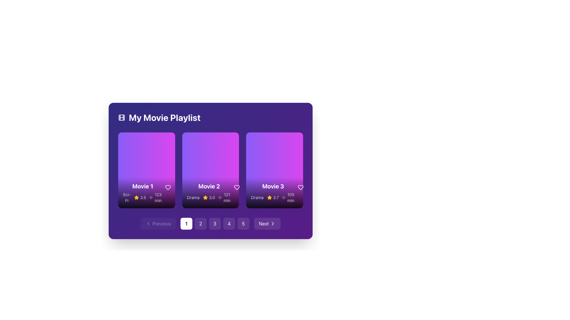  What do you see at coordinates (236, 187) in the screenshot?
I see `the heart-shaped icon at the bottom right corner of the card for 'Movie 2'` at bounding box center [236, 187].